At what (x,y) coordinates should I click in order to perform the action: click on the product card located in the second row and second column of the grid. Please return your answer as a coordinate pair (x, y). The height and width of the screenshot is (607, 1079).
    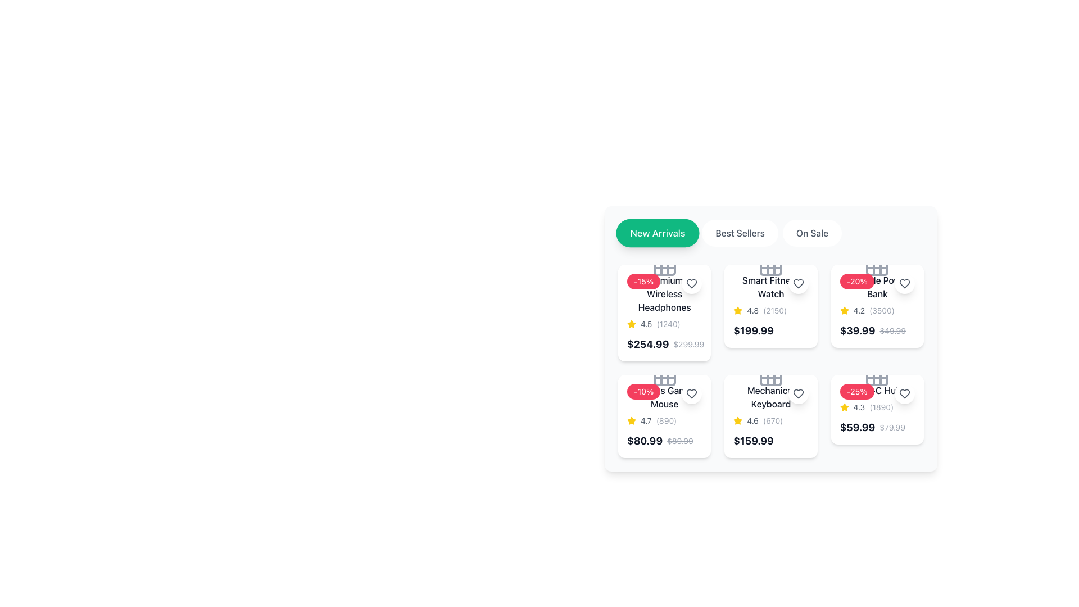
    Looking at the image, I should click on (770, 361).